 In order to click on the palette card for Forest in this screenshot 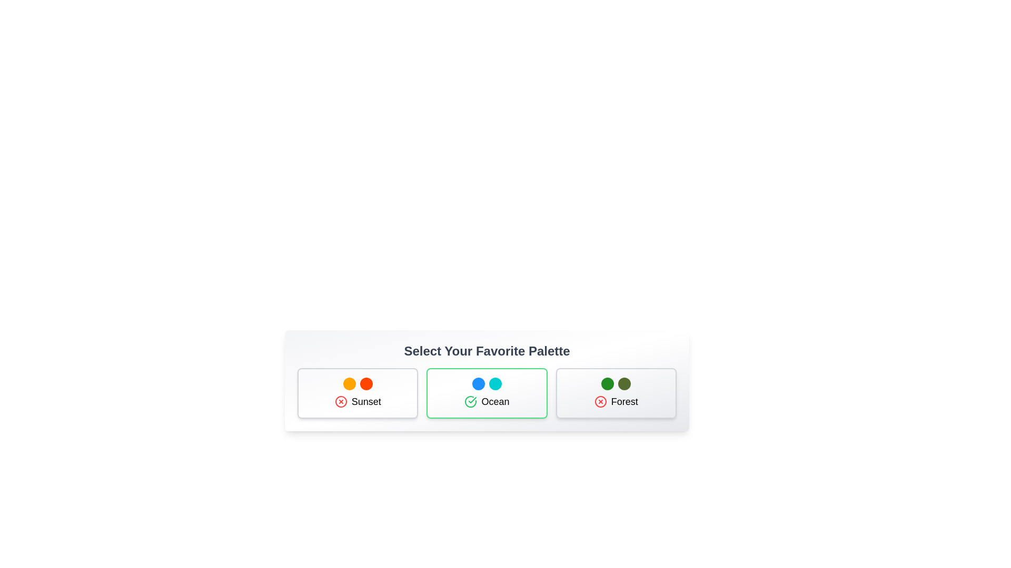, I will do `click(616, 393)`.